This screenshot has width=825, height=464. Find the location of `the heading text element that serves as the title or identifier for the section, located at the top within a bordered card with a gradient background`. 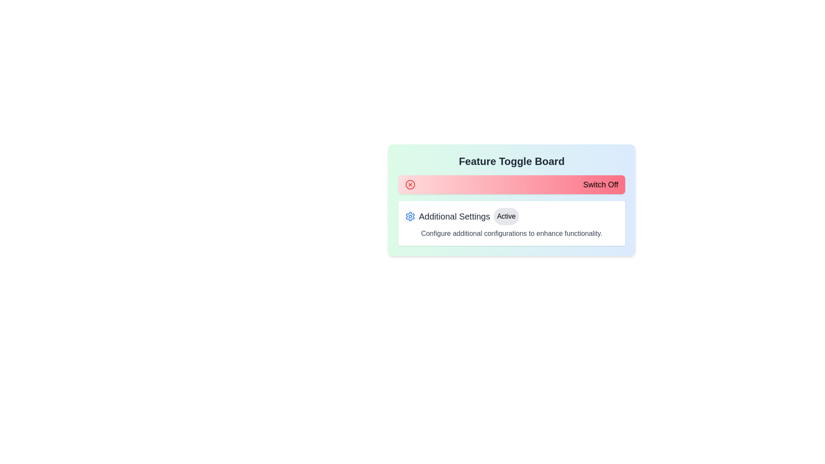

the heading text element that serves as the title or identifier for the section, located at the top within a bordered card with a gradient background is located at coordinates (511, 161).